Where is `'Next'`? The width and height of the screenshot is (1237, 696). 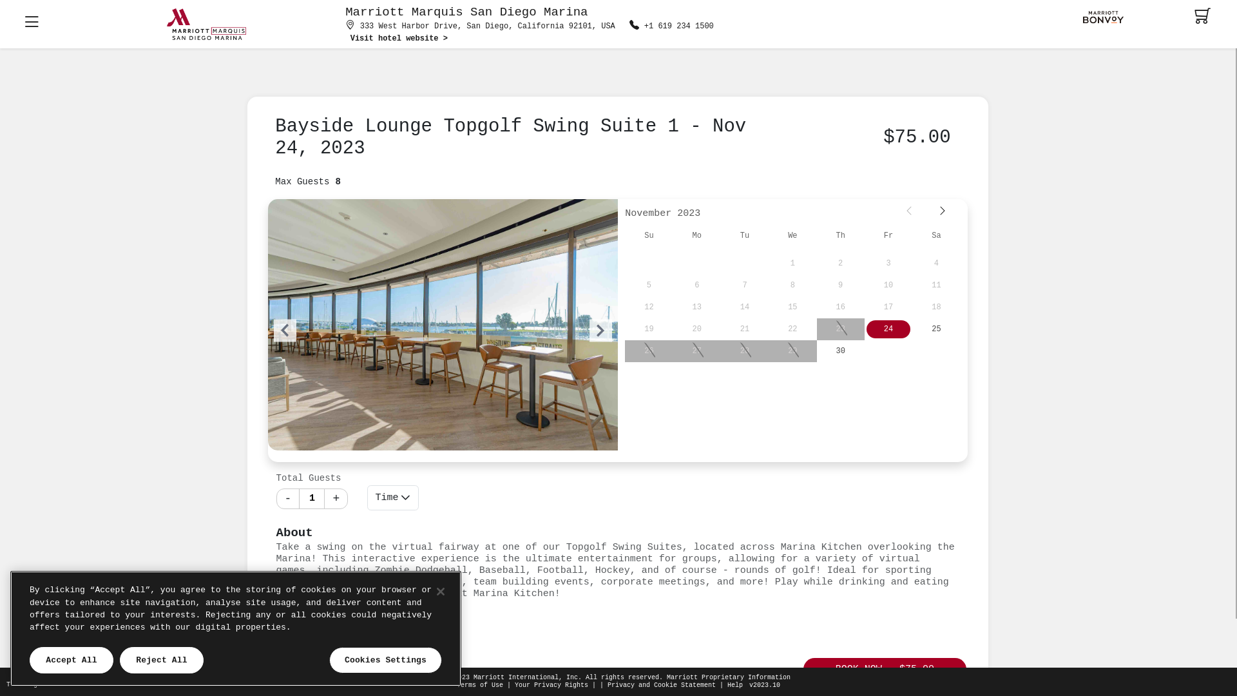 'Next' is located at coordinates (943, 211).